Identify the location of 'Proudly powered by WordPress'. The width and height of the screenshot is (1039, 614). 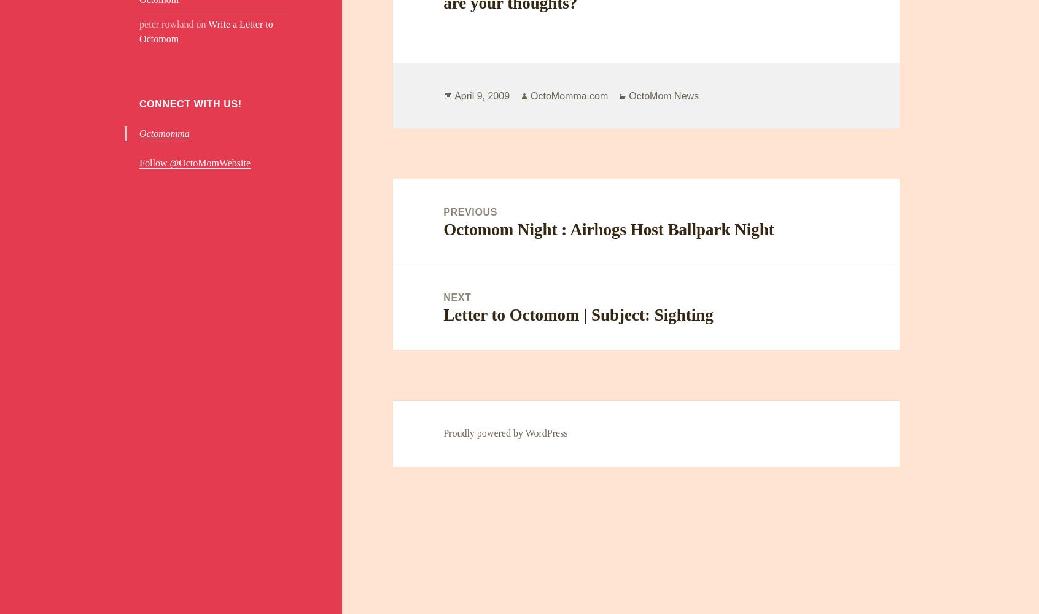
(505, 432).